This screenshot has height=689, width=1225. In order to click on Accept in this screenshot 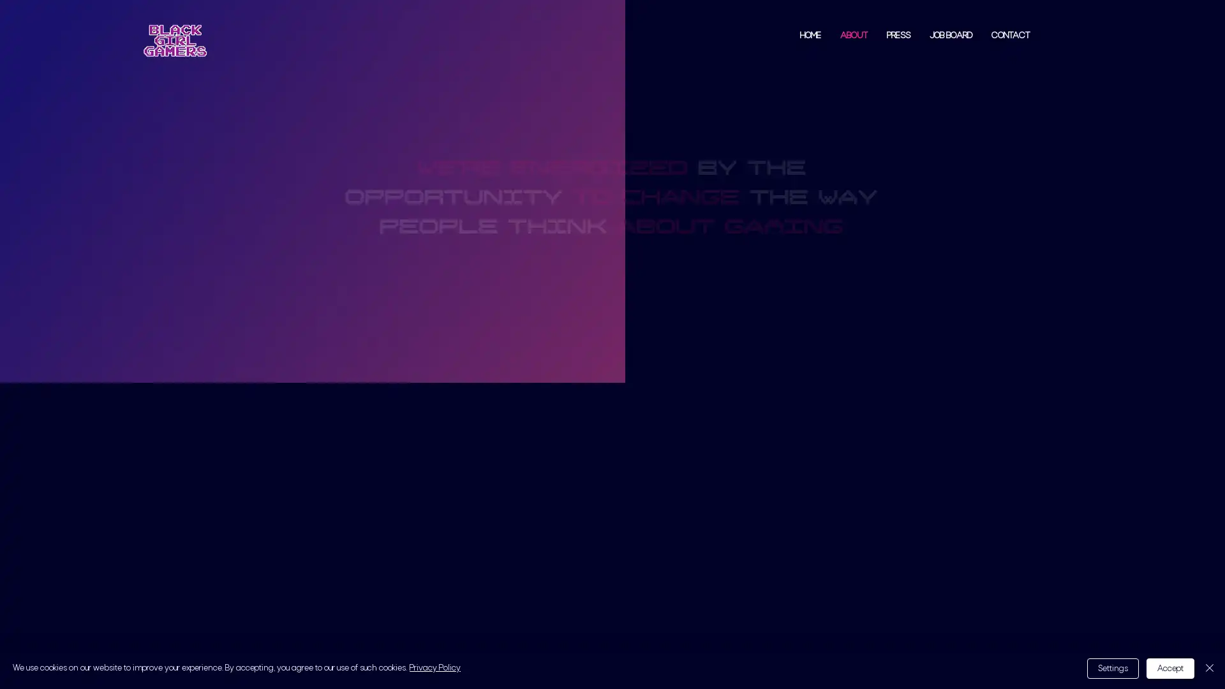, I will do `click(1170, 668)`.